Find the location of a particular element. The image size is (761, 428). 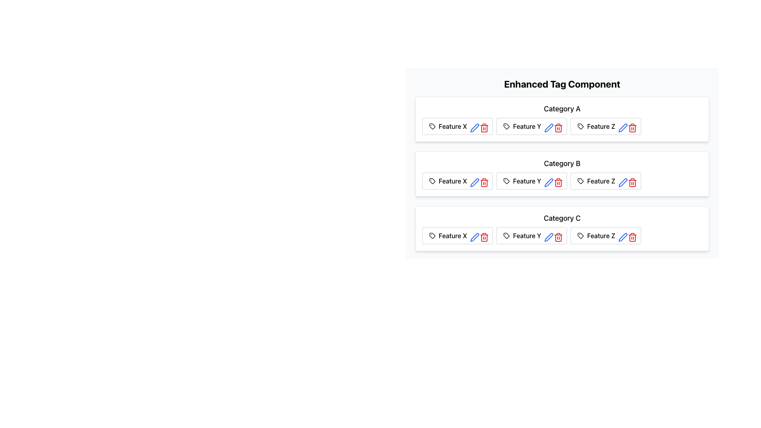

the static text label 'Feature Y' which is part of a row of tags in 'Category B', located to the right of 'Feature X' and to the left of edit and delete icons is located at coordinates (527, 181).